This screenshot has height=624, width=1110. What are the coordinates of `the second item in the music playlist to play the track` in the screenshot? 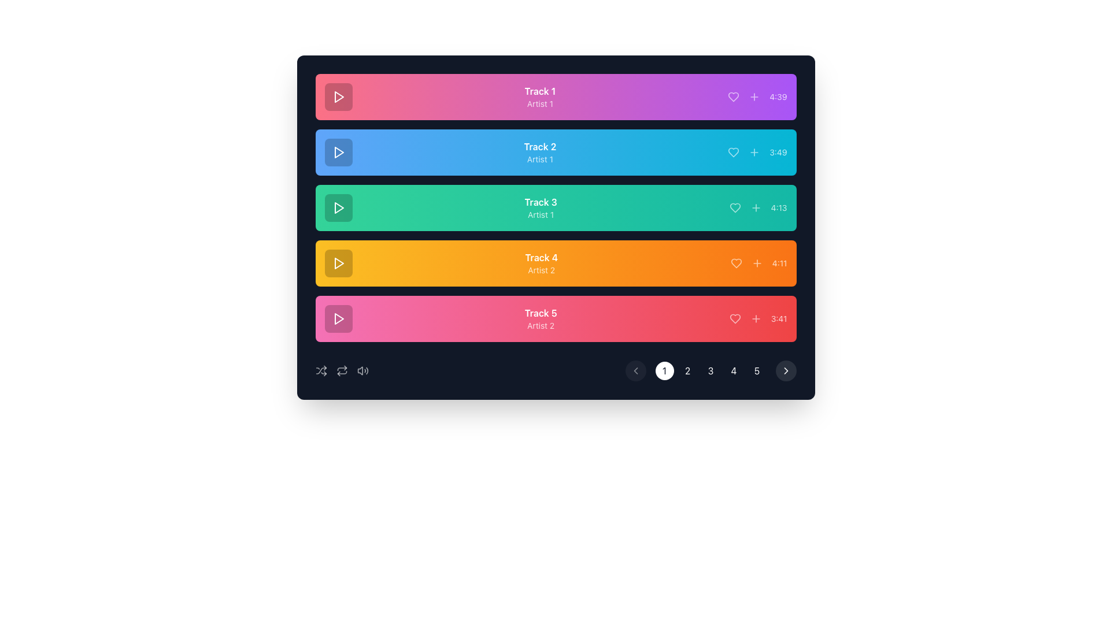 It's located at (556, 151).